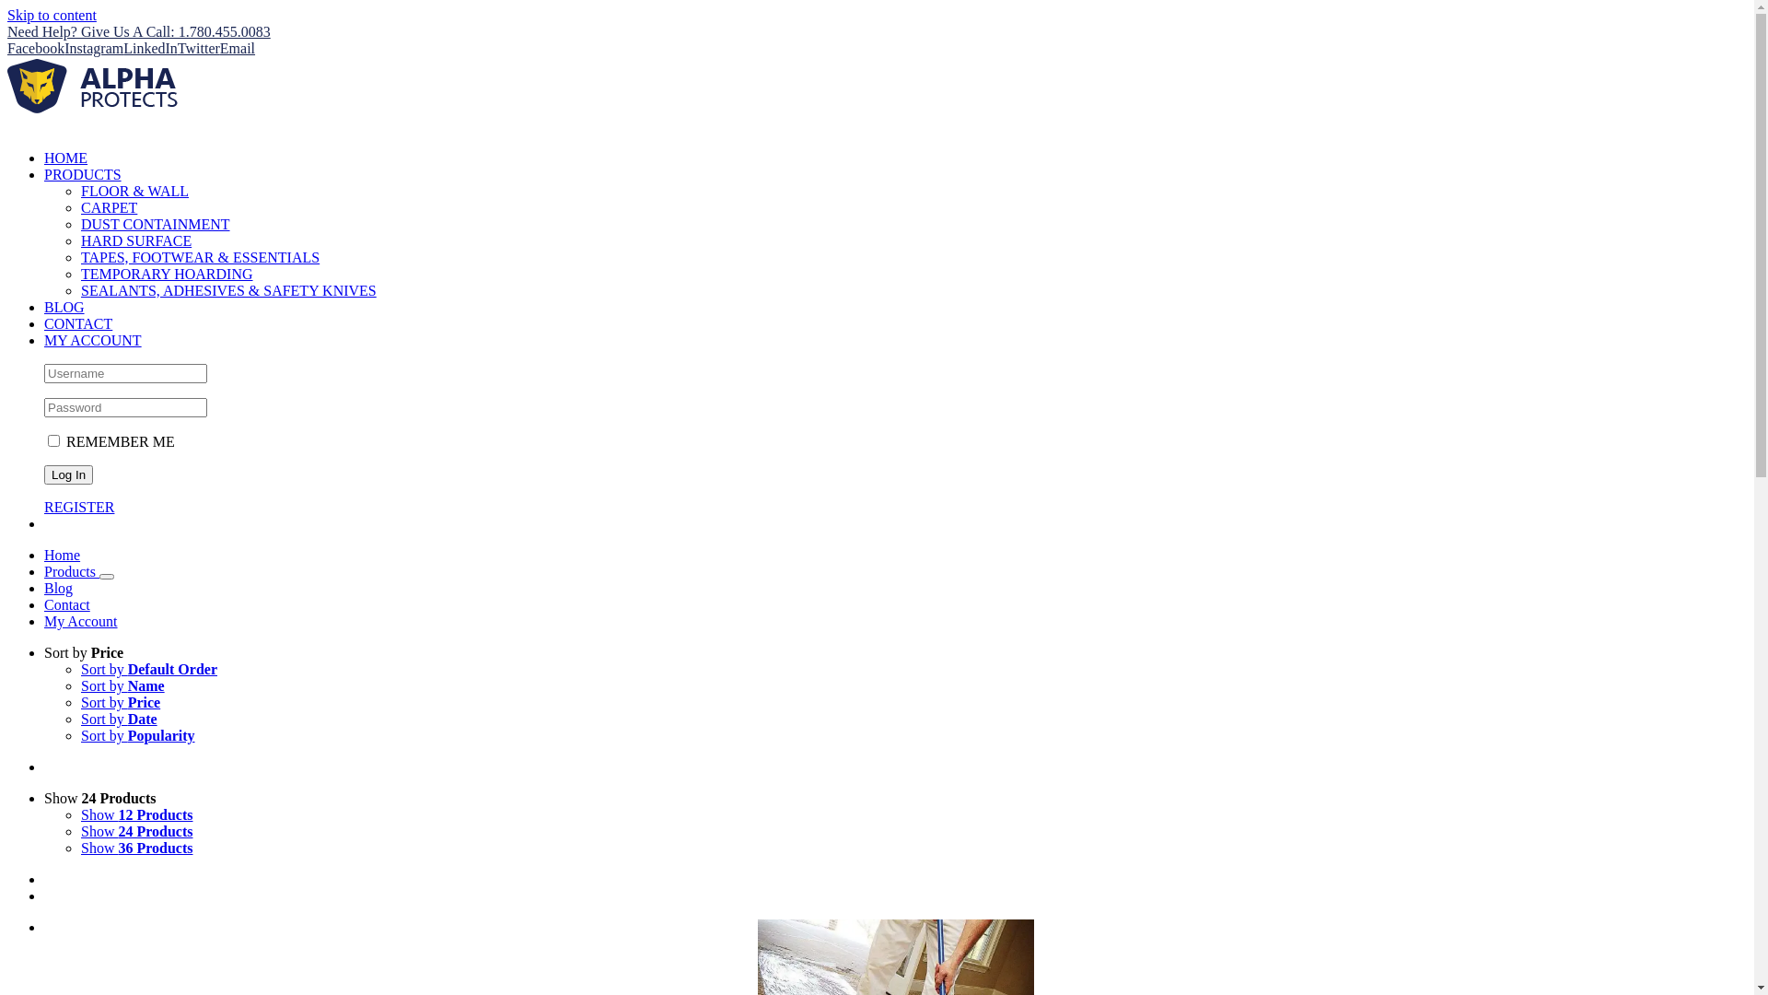  I want to click on 'Show 24 Products', so click(99, 797).